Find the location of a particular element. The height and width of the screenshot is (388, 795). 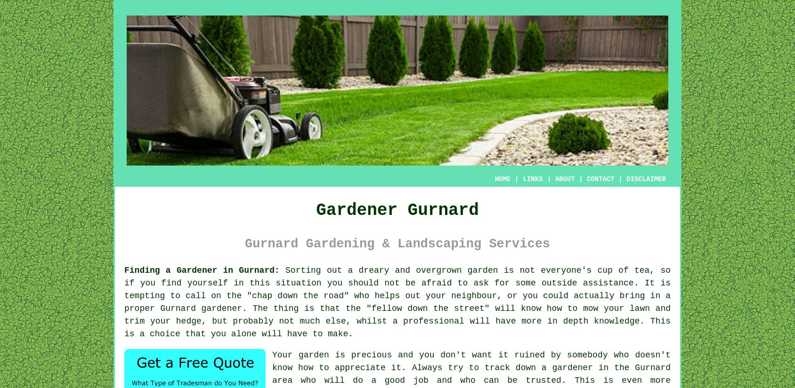

'Finding a Gardener in Gurnard:' is located at coordinates (201, 270).